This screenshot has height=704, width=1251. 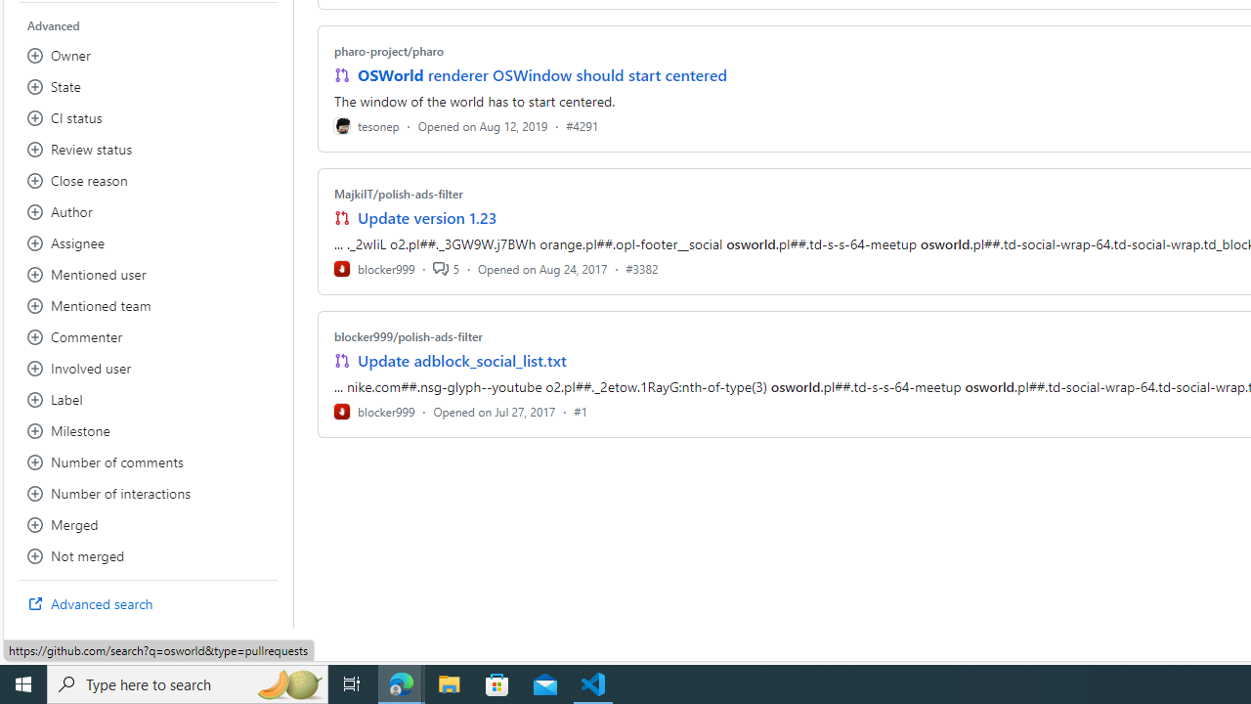 I want to click on 'Advanced search', so click(x=148, y=603).